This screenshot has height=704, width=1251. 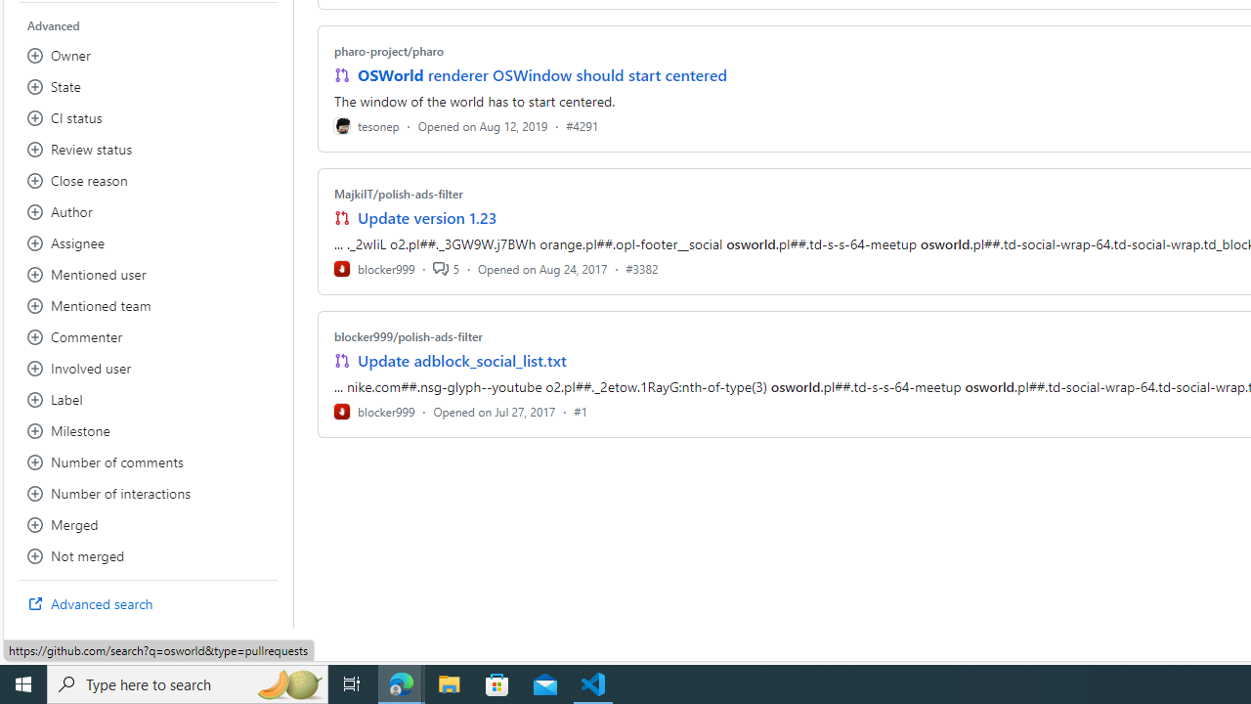 I want to click on 'Advanced search', so click(x=148, y=603).